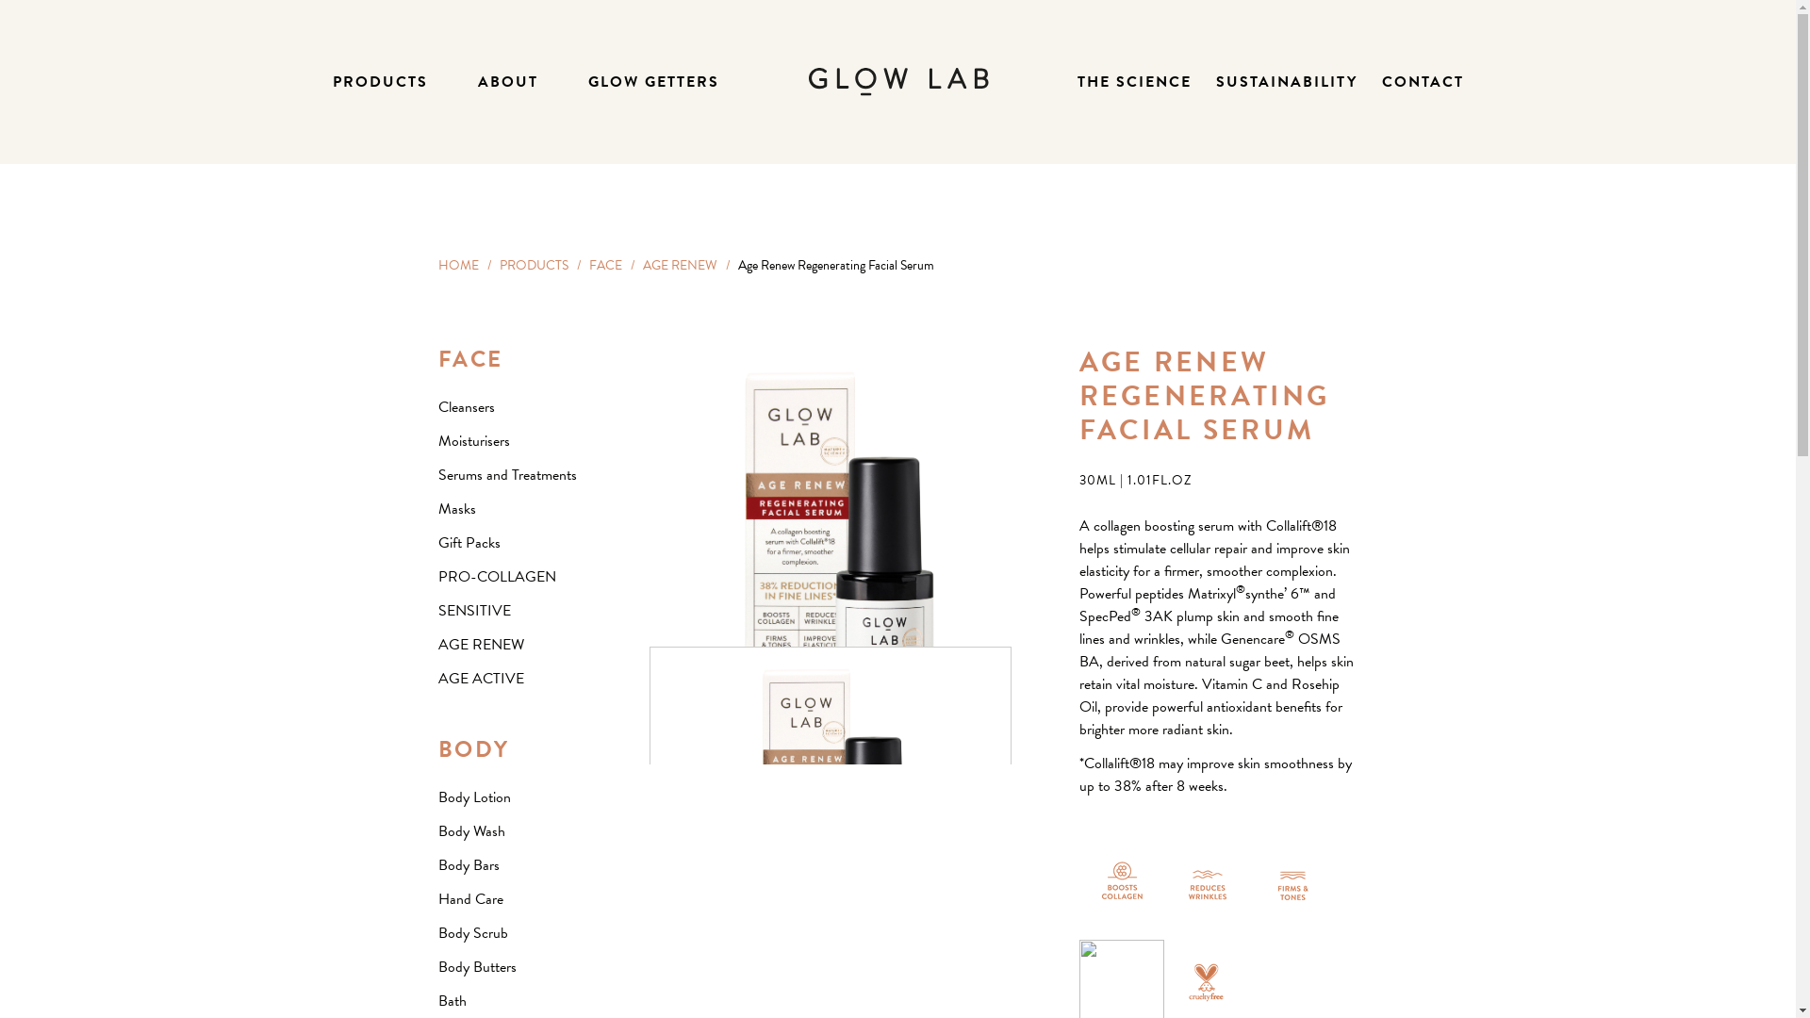 This screenshot has width=1810, height=1018. I want to click on 'Moisturisers', so click(473, 440).